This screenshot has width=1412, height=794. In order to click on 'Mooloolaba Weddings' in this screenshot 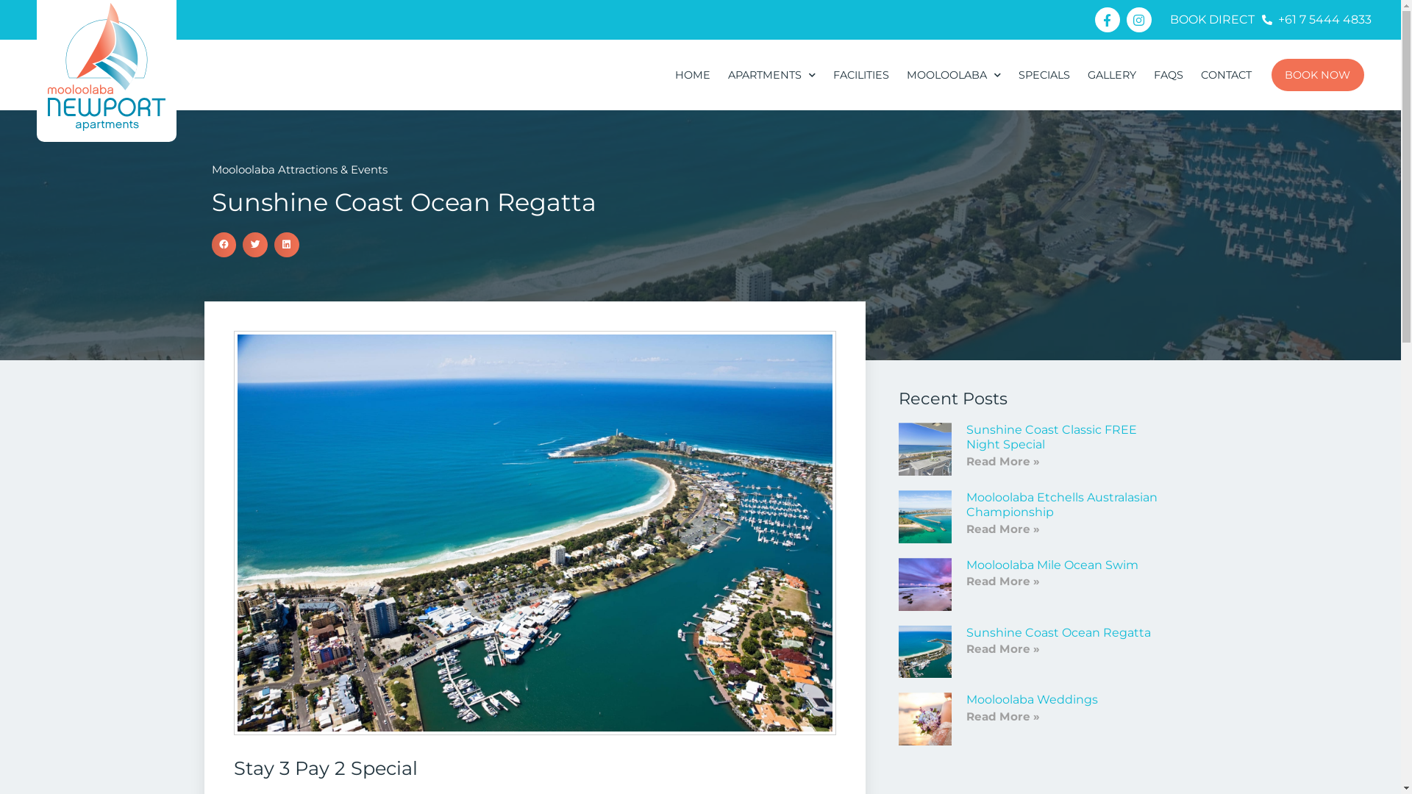, I will do `click(1031, 698)`.